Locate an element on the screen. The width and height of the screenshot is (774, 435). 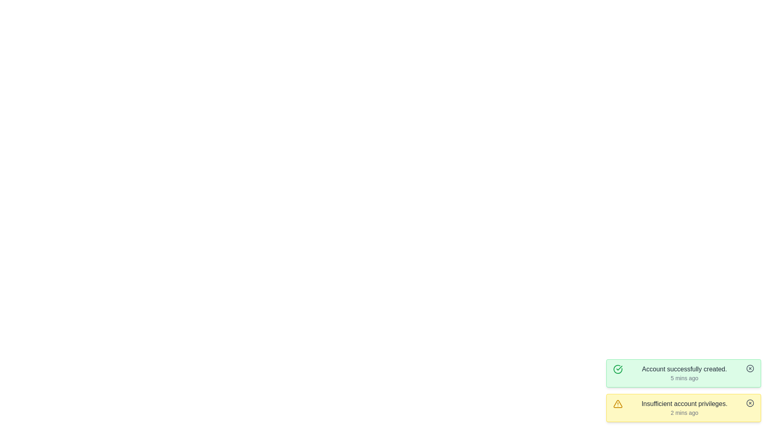
the text label displaying '2 mins ago', which is located beneath the message 'Insufficient account privileges.' in the yellow notification box is located at coordinates (684, 413).